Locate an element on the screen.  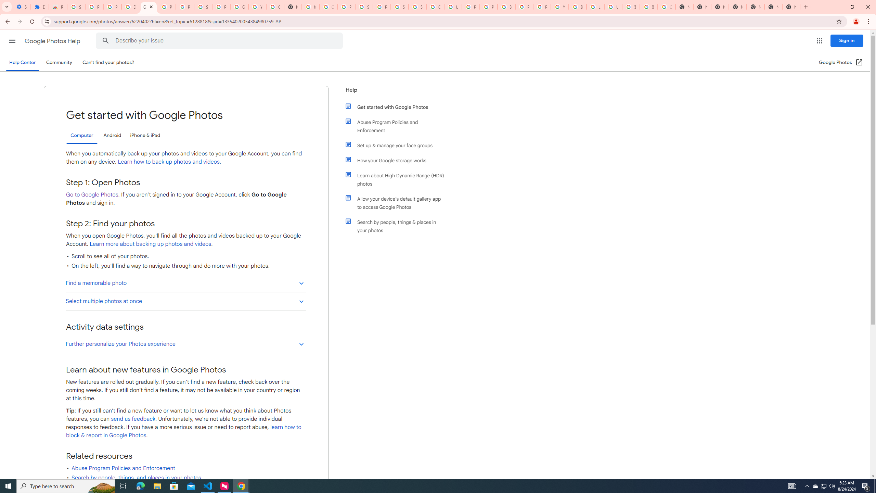
'https://scholar.google.com/' is located at coordinates (310, 7).